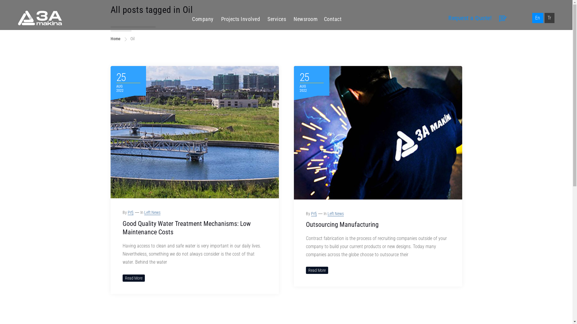 The width and height of the screenshot is (577, 324). What do you see at coordinates (448, 18) in the screenshot?
I see `'Request a Quote!'` at bounding box center [448, 18].